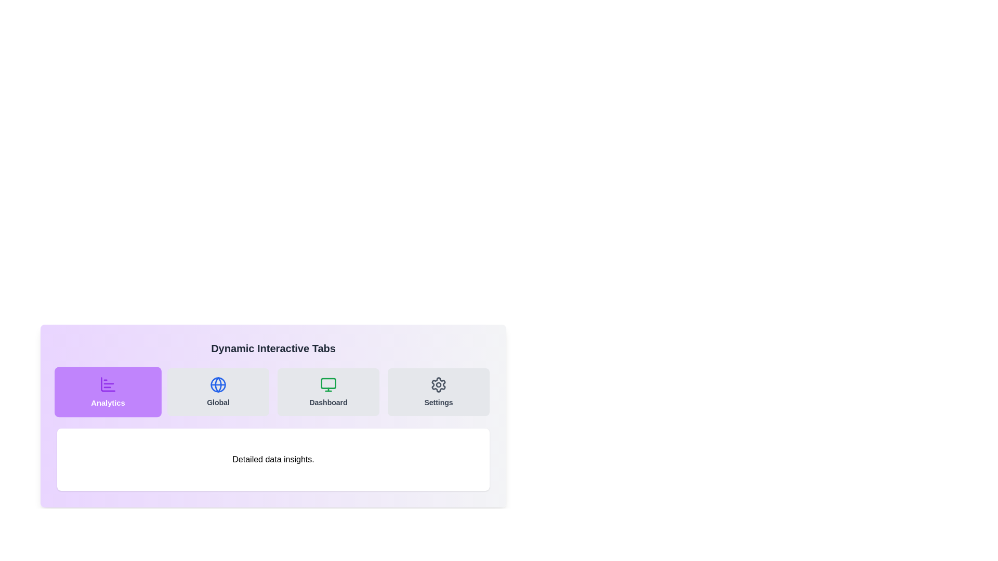  I want to click on the navigation button located on the far left of the grid layout, so click(108, 392).